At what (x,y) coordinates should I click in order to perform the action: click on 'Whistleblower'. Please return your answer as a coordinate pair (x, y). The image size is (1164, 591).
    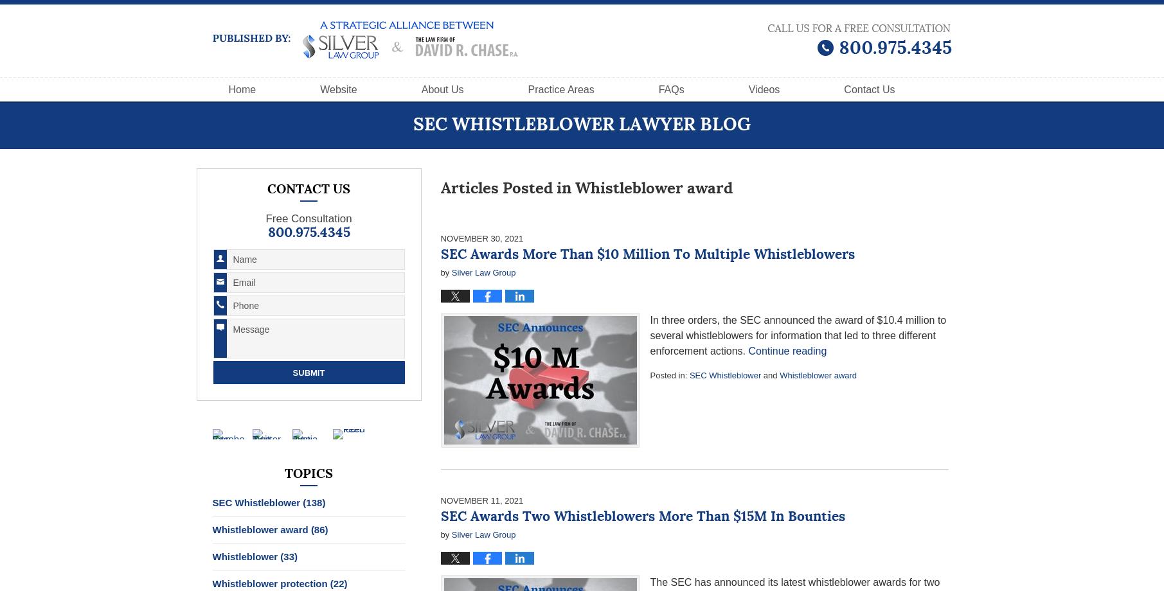
    Looking at the image, I should click on (246, 556).